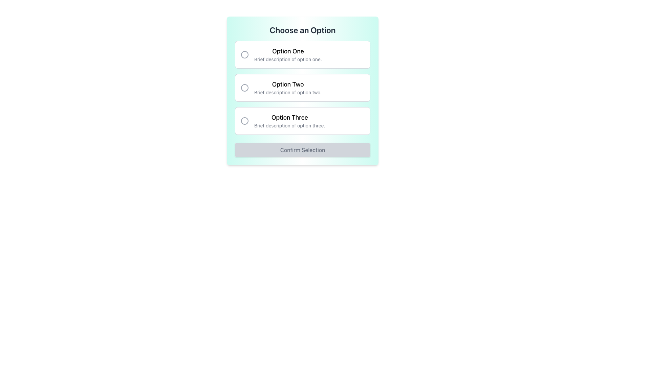 The width and height of the screenshot is (650, 365). I want to click on the text label that reads 'Option Three', which is styled with a larger font size and medium weight, located as the third option in a vertical list of selectable options, so click(289, 117).